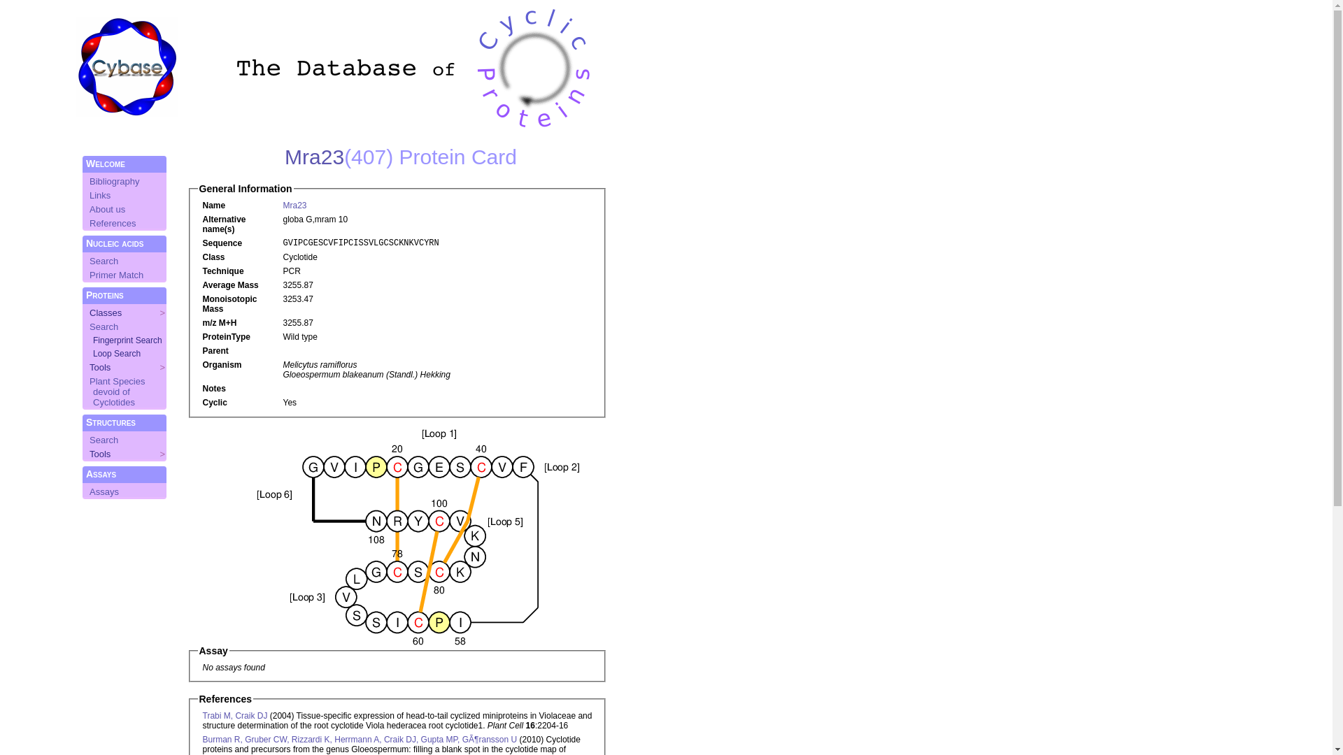 The height and width of the screenshot is (755, 1343). I want to click on 'Nucleic acids', so click(114, 242).